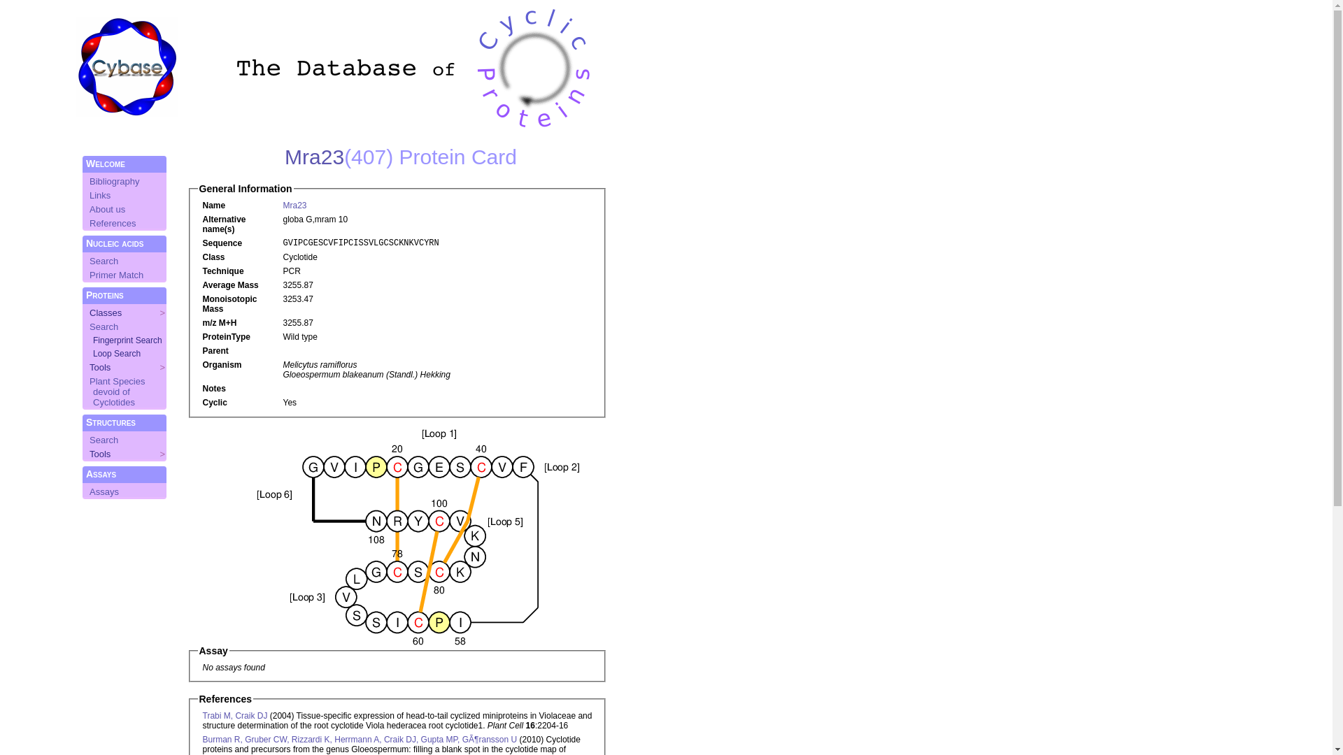 The height and width of the screenshot is (755, 1343). I want to click on 'Nucleic acids', so click(114, 242).